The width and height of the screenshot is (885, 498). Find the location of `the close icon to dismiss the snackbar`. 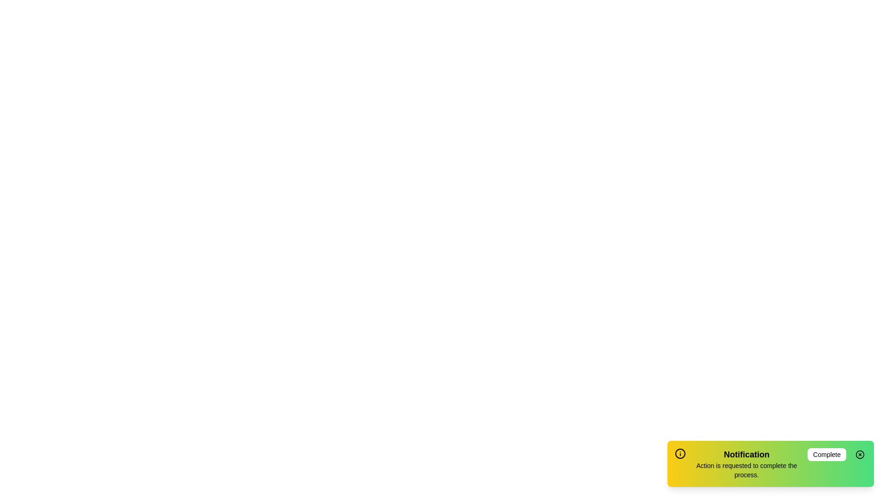

the close icon to dismiss the snackbar is located at coordinates (860, 454).